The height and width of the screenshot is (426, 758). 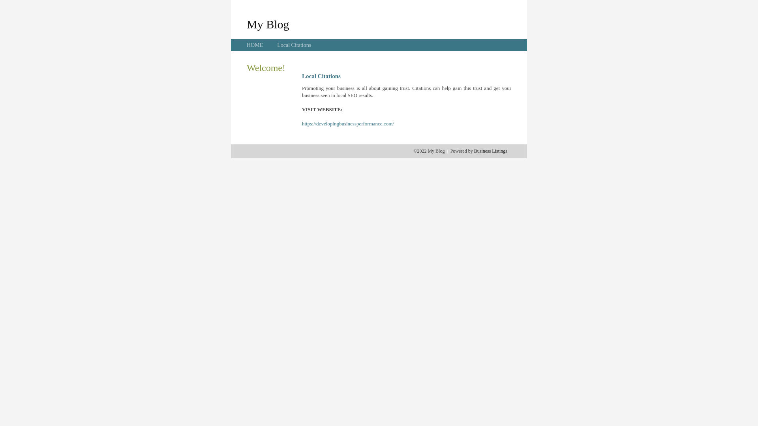 I want to click on 'HOME', so click(x=255, y=45).